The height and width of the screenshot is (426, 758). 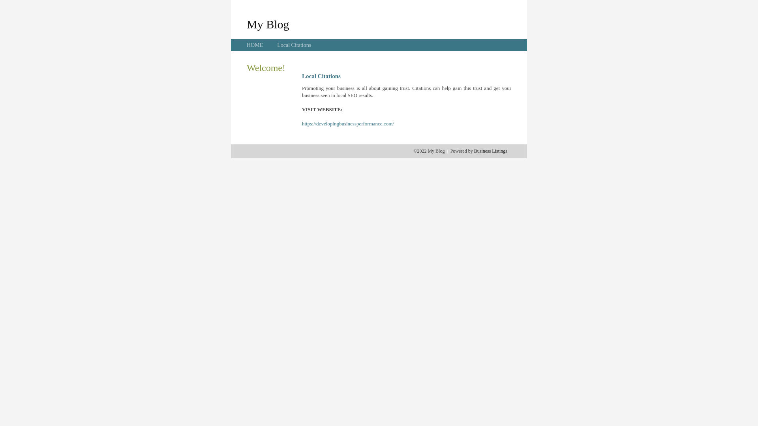 I want to click on 'HOME', so click(x=255, y=45).